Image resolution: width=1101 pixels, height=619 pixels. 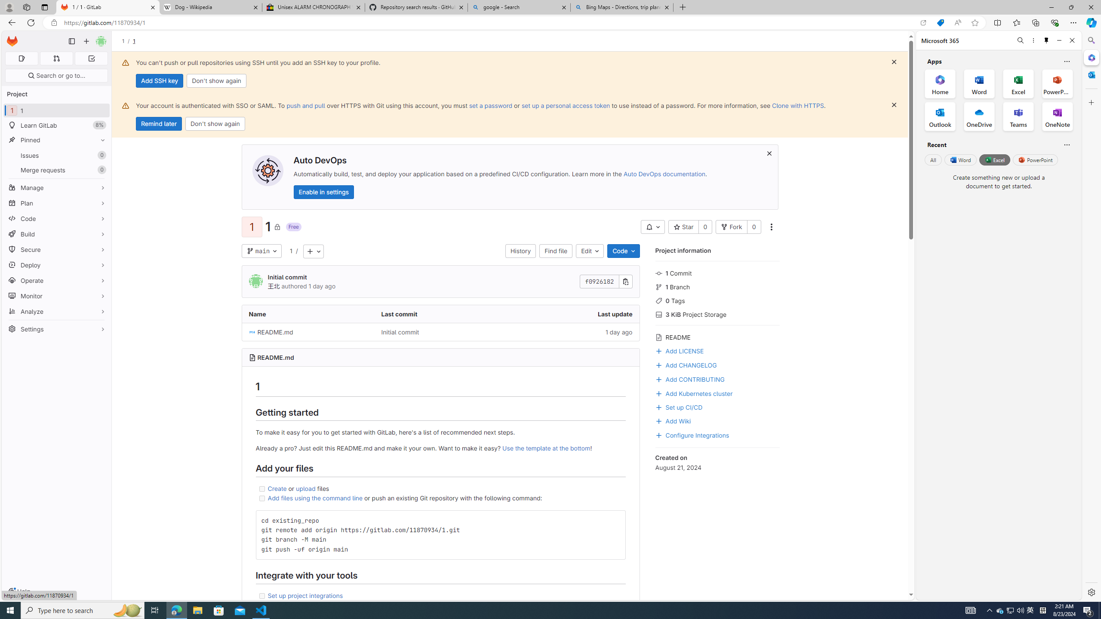 What do you see at coordinates (626, 281) in the screenshot?
I see `'Copy commit SHA'` at bounding box center [626, 281].